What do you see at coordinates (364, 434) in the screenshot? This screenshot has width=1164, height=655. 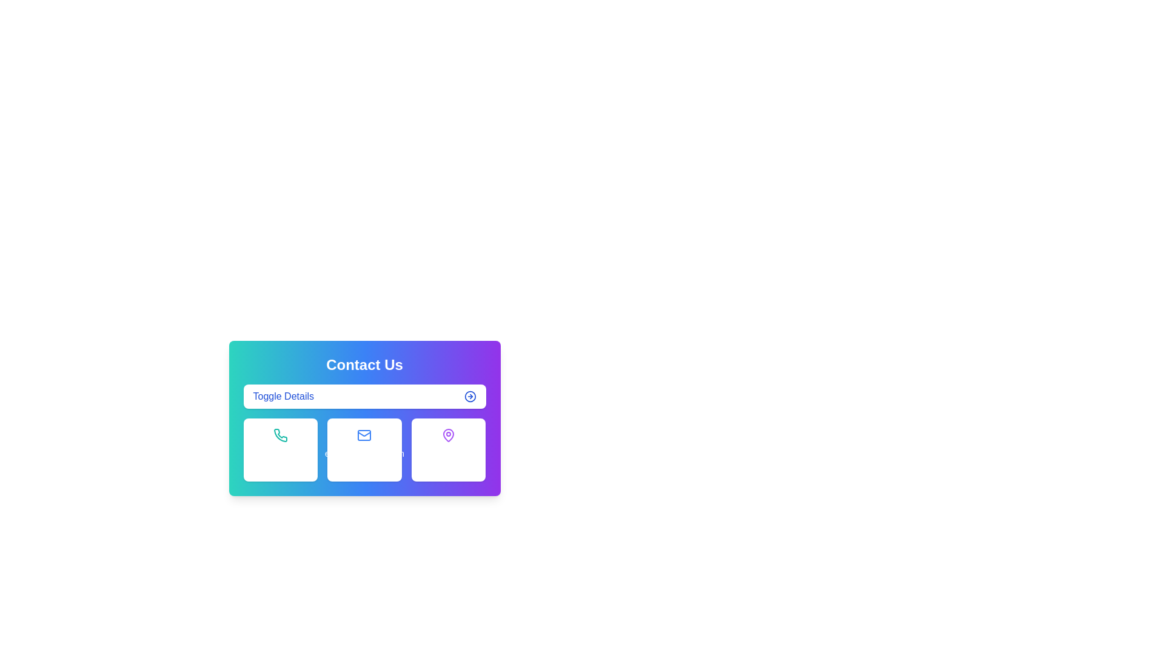 I see `the email icon graphic that represents the email communication option located in the middle section of the contact options row` at bounding box center [364, 434].